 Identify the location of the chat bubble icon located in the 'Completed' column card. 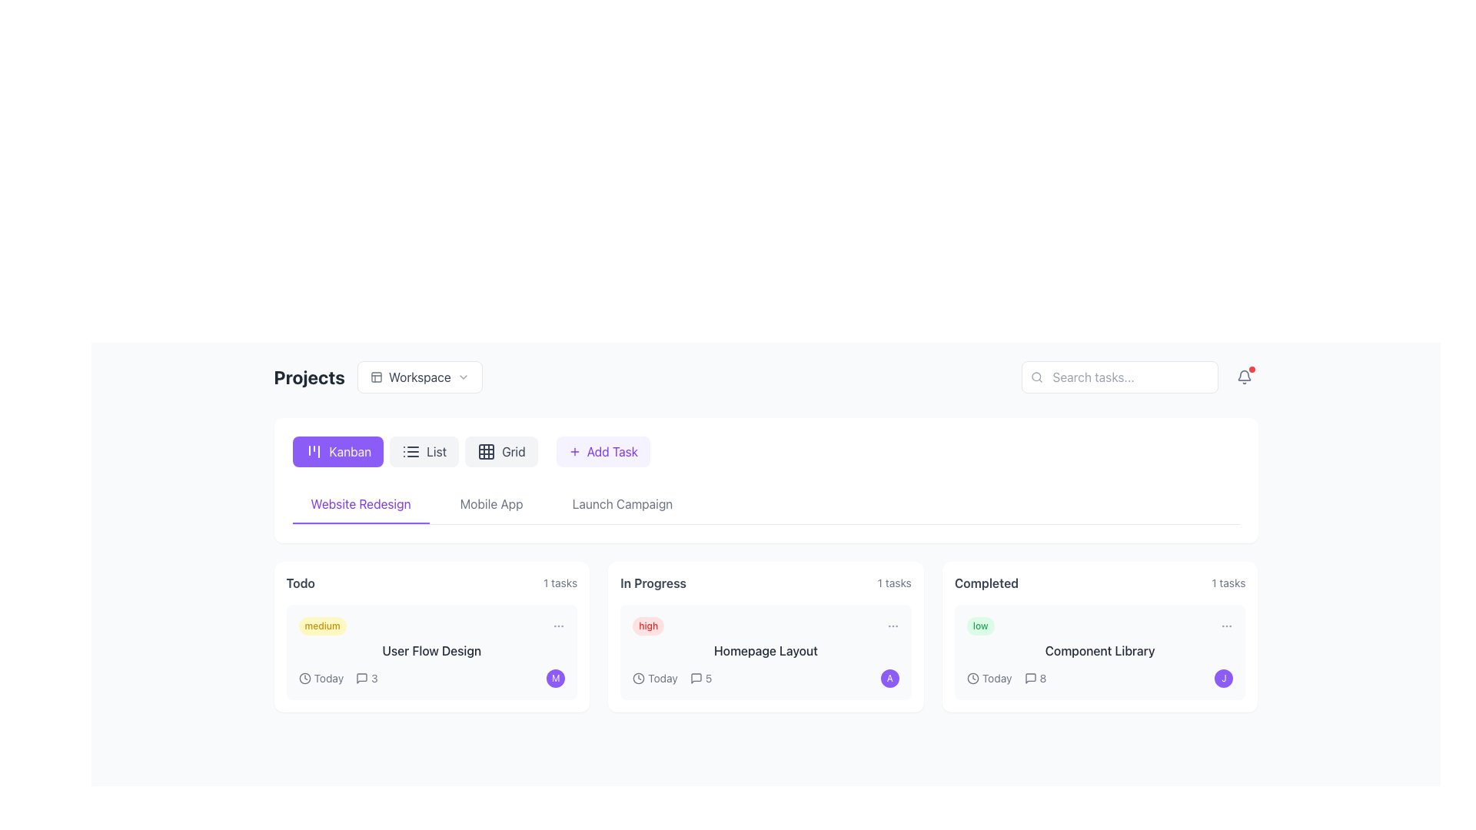
(1030, 678).